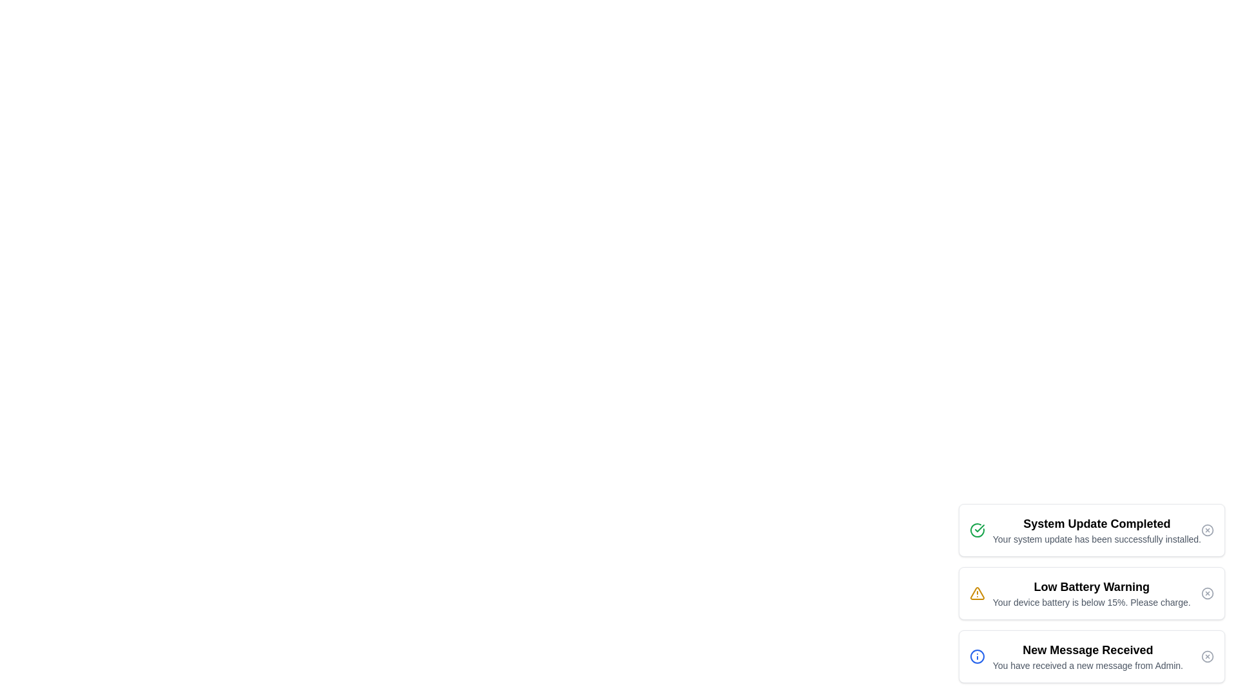 This screenshot has height=696, width=1238. I want to click on the Close button with an 'X' icon, which is styled with a gray color that changes to red upon hover, located at the rightmost end of the notification card titled 'System Update Completed', so click(1206, 530).